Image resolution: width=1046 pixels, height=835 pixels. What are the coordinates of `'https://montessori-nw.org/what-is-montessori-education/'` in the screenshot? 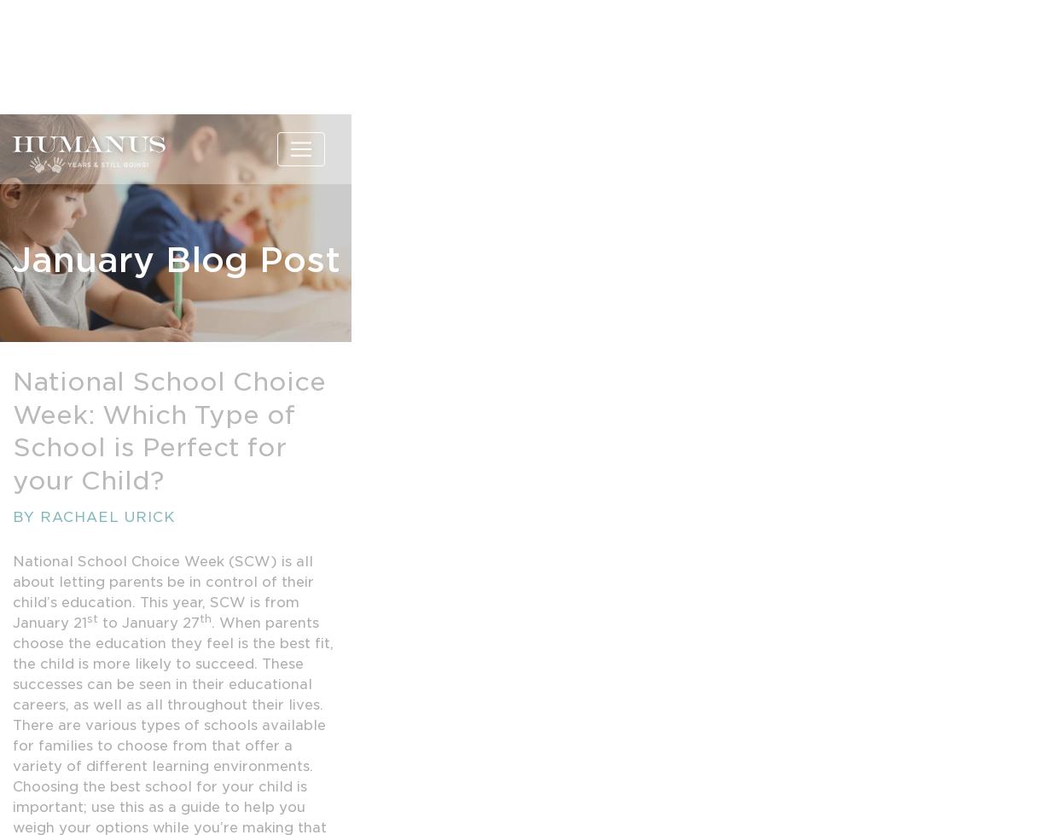 It's located at (167, 729).